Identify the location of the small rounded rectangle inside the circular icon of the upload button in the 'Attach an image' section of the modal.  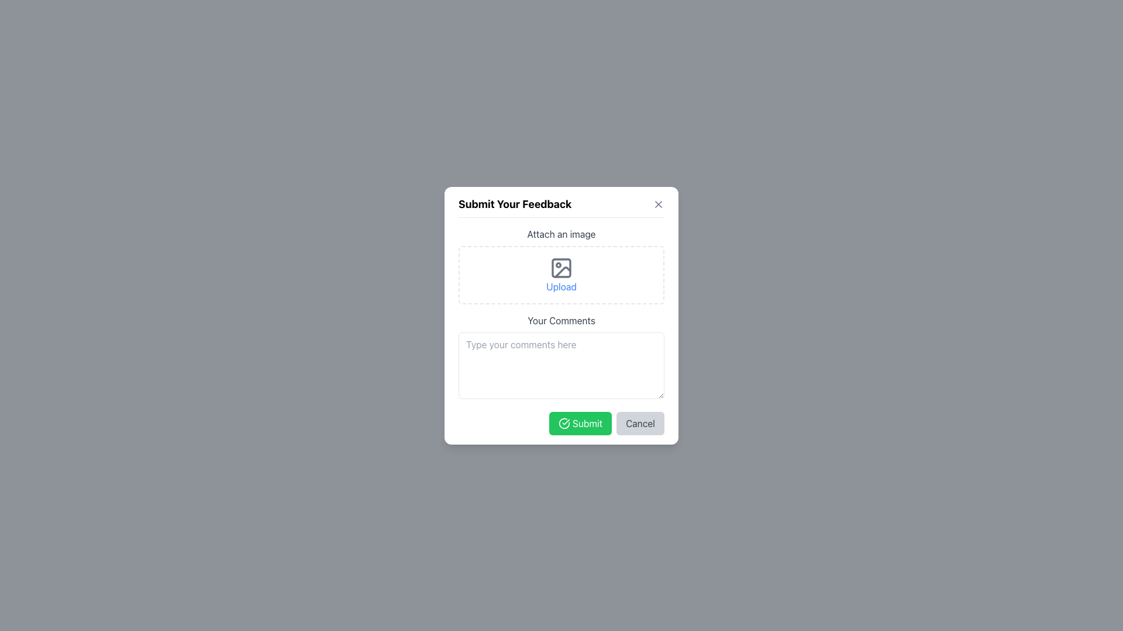
(561, 268).